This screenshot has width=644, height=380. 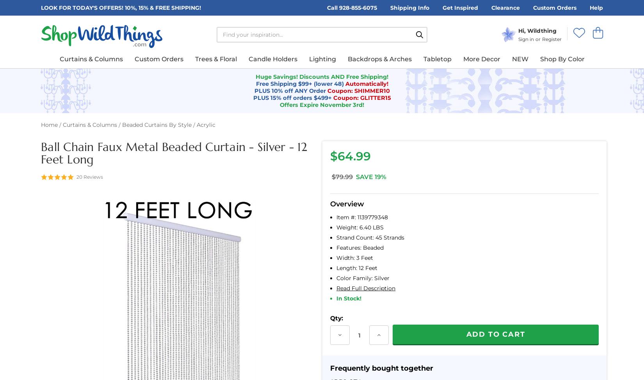 What do you see at coordinates (519, 59) in the screenshot?
I see `'NEW'` at bounding box center [519, 59].